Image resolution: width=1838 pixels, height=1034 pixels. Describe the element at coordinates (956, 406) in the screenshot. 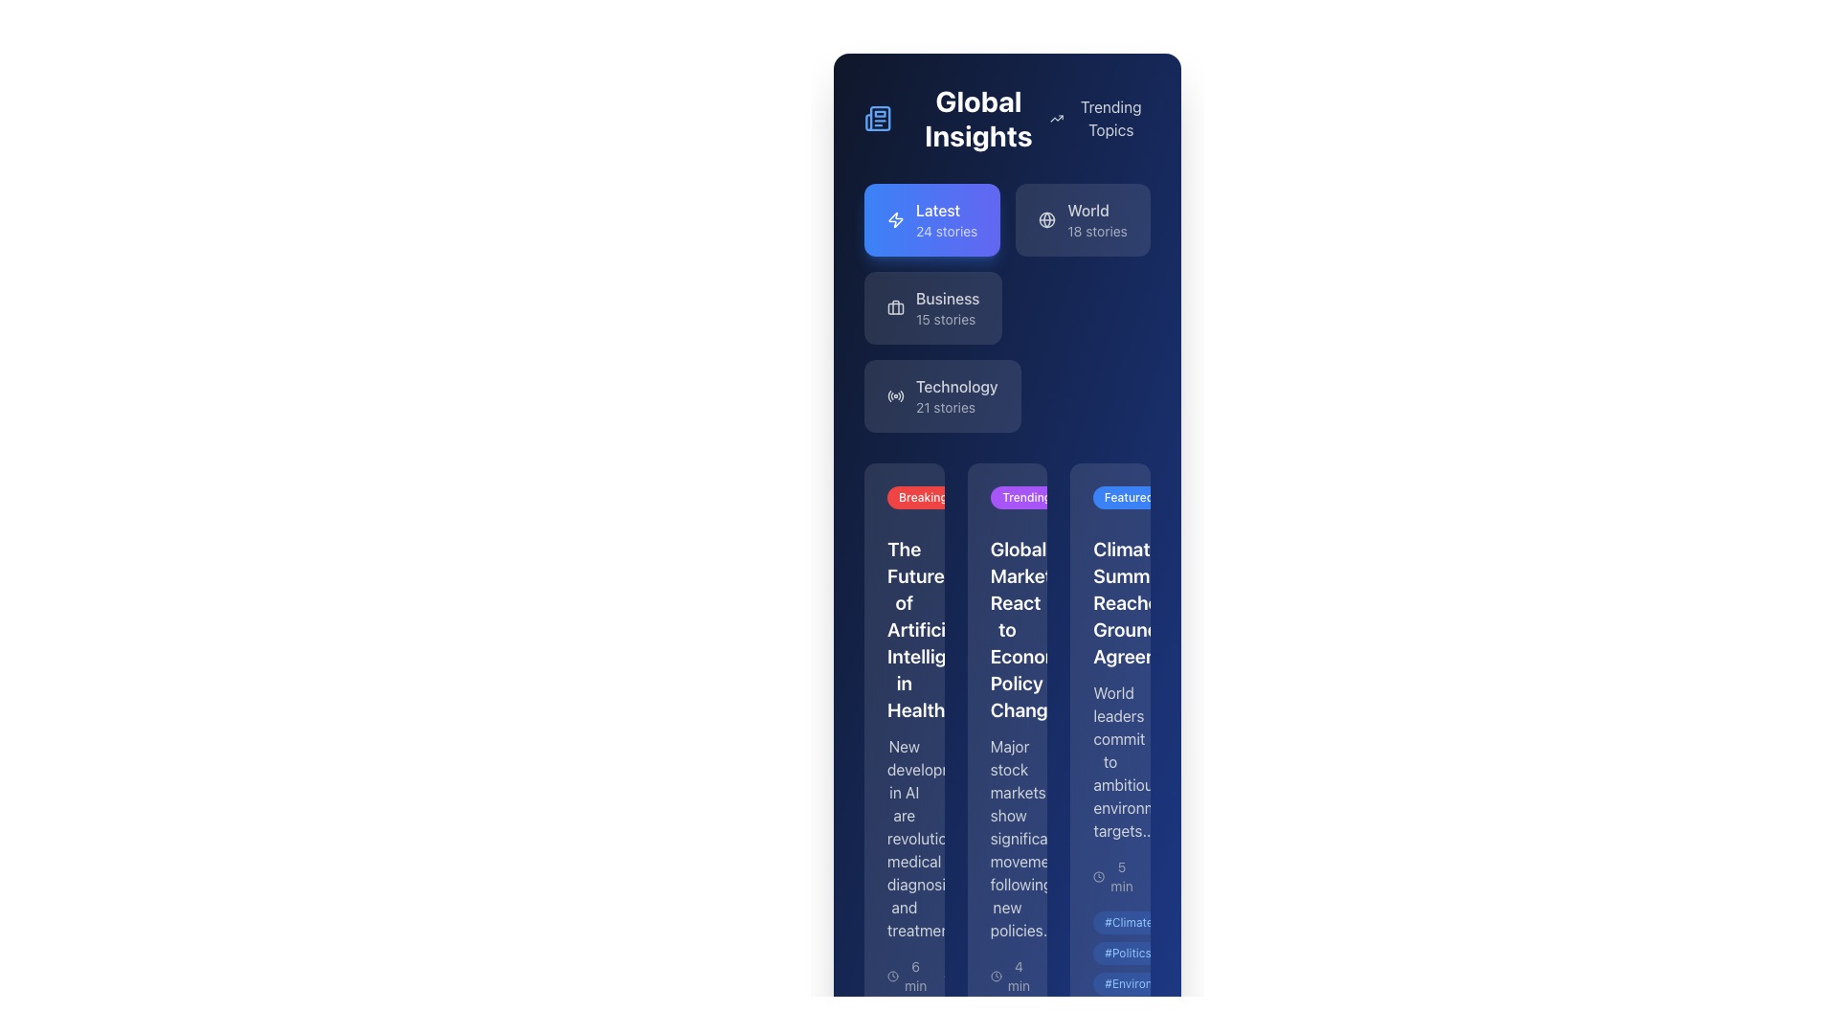

I see `static text label indicating the number of stories available in the 'Technology' category, located directly beneath the 'Technology' label in the sidebar` at that location.